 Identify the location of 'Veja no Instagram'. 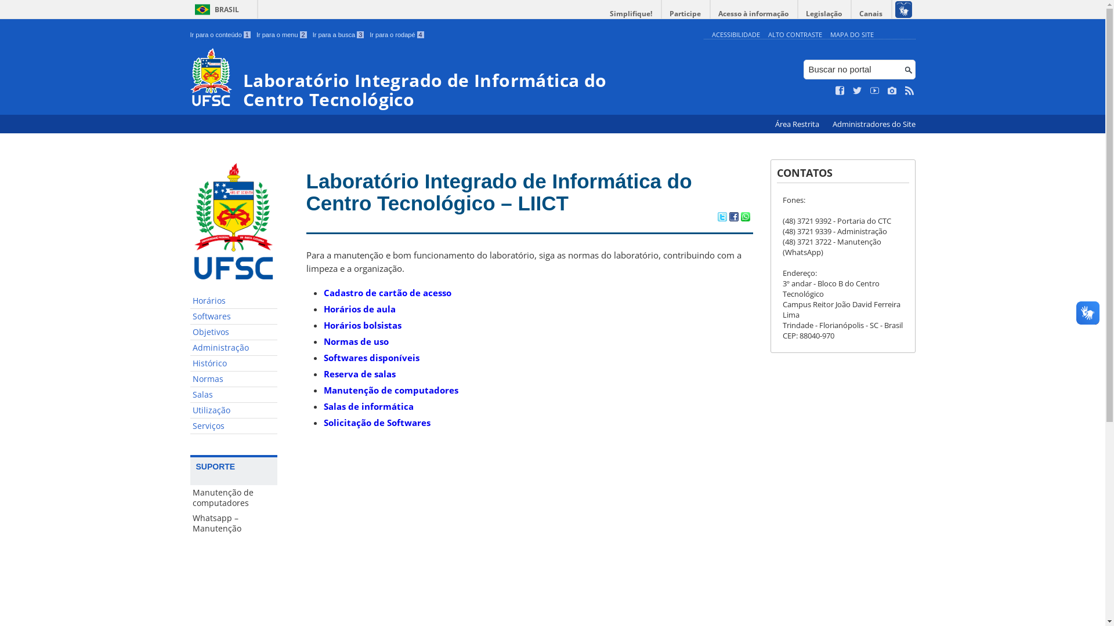
(891, 90).